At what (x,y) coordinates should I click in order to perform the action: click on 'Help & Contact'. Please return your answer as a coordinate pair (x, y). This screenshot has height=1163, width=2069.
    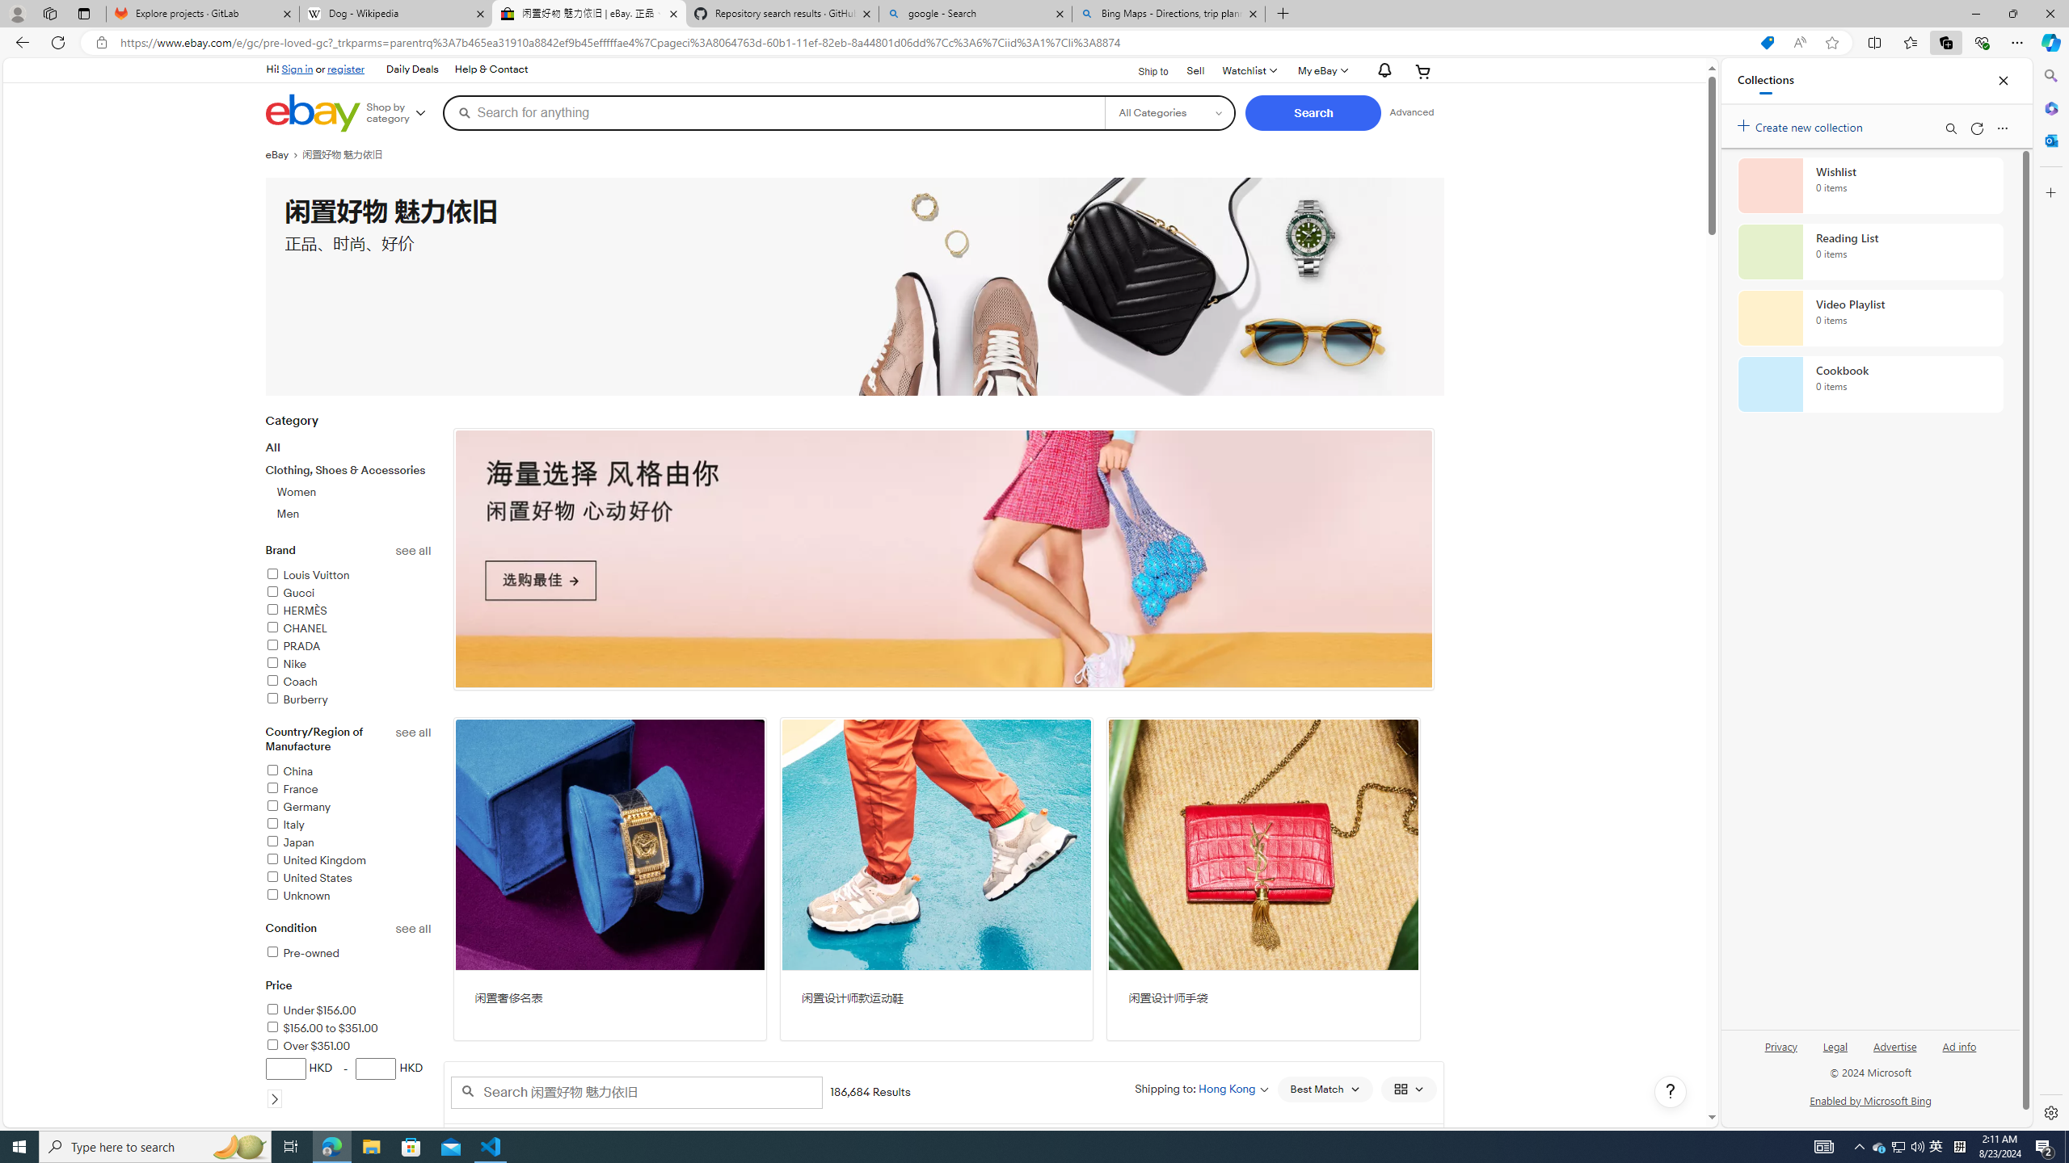
    Looking at the image, I should click on (490, 69).